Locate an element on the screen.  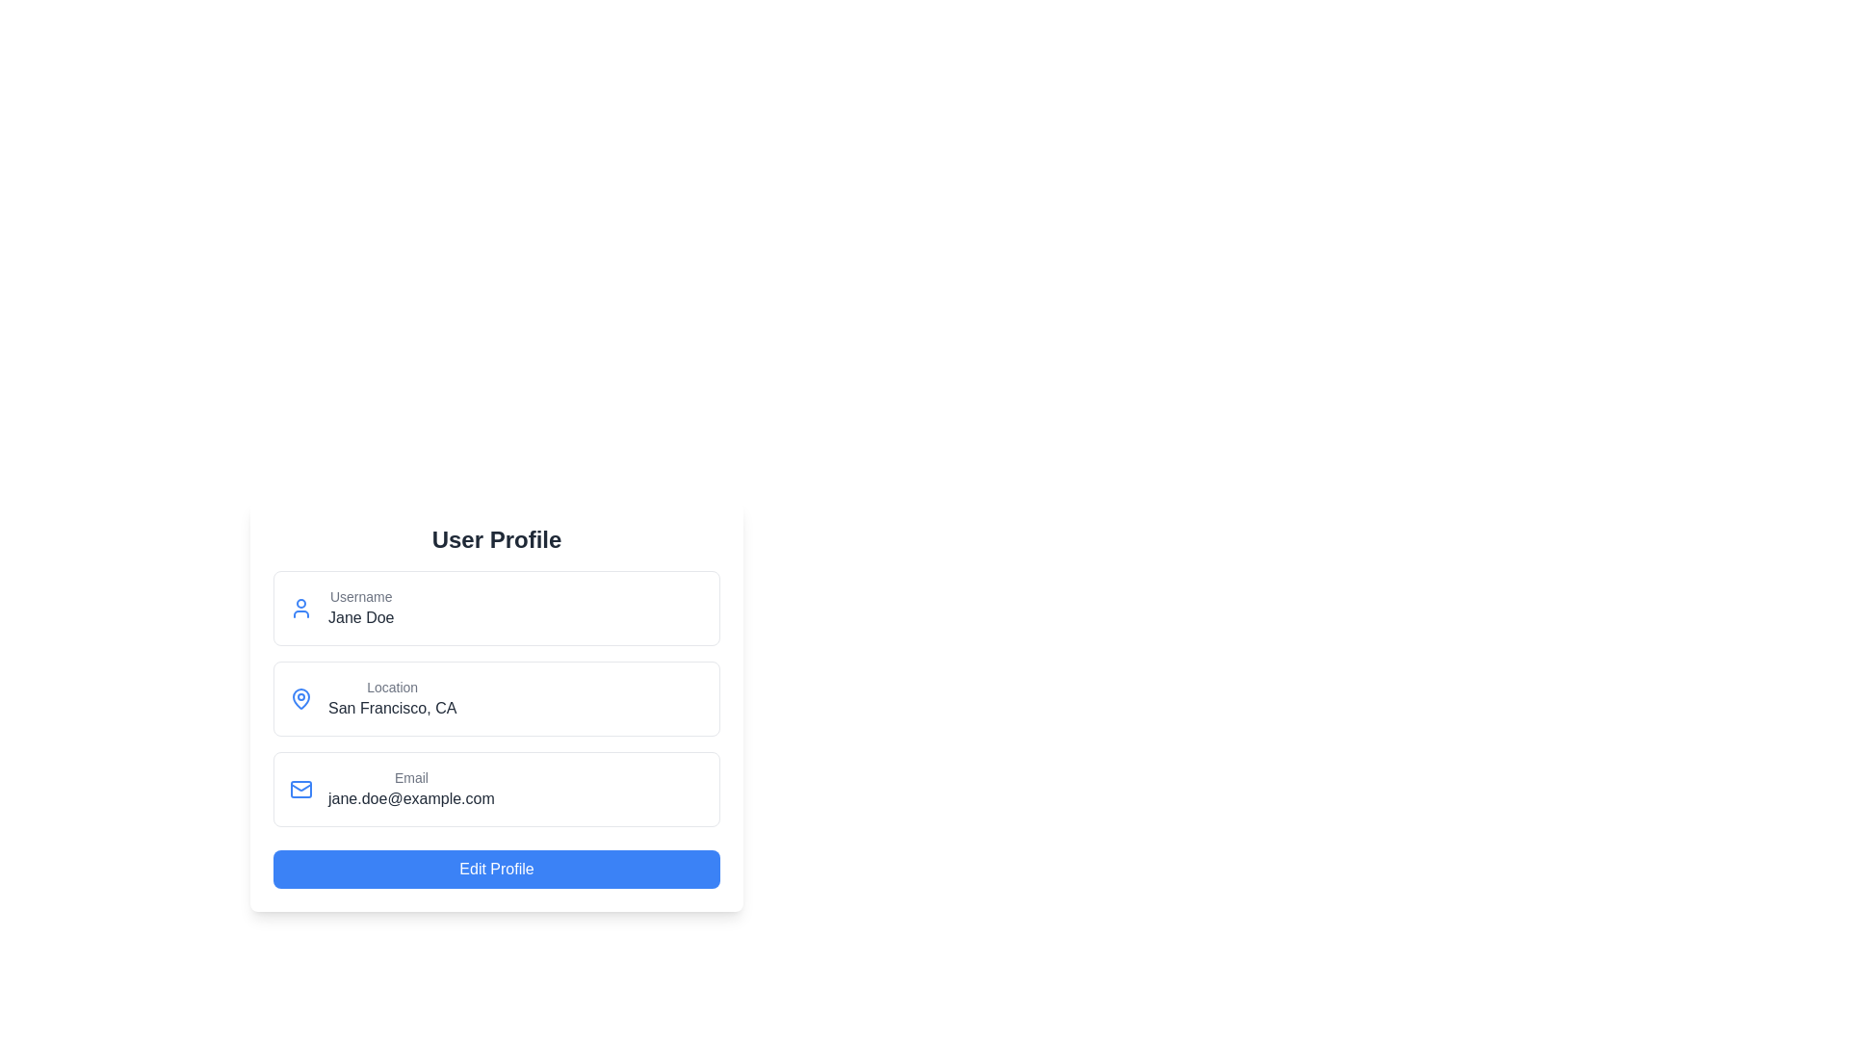
email address displayed in the non-interactive Text Display Block located in the lower section of the user profile card, which is aligned vertically with similar blocks for username and location is located at coordinates (410, 790).